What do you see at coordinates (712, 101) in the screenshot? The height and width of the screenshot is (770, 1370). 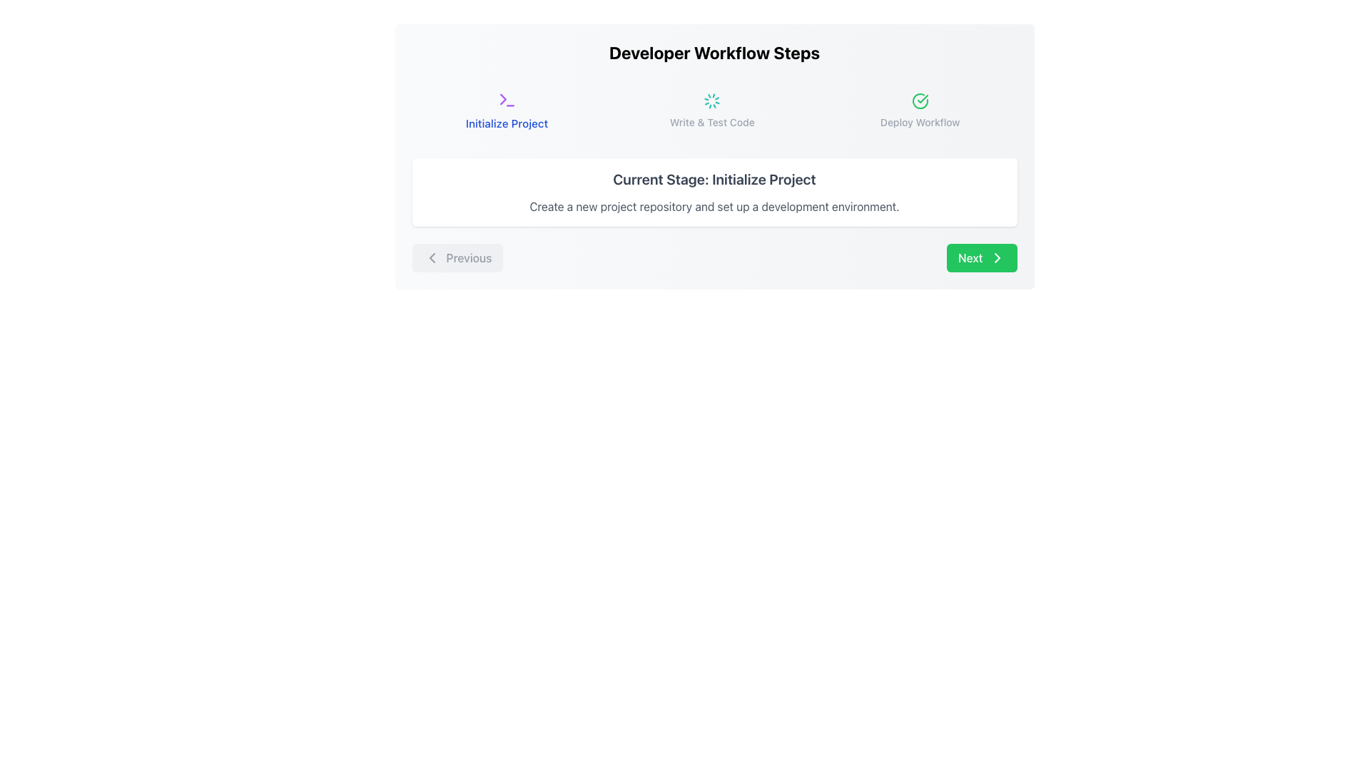 I see `the status icon representing the current progress within the 'Write & Test Code' workflow step, located in the middle of the top section of the interface` at bounding box center [712, 101].